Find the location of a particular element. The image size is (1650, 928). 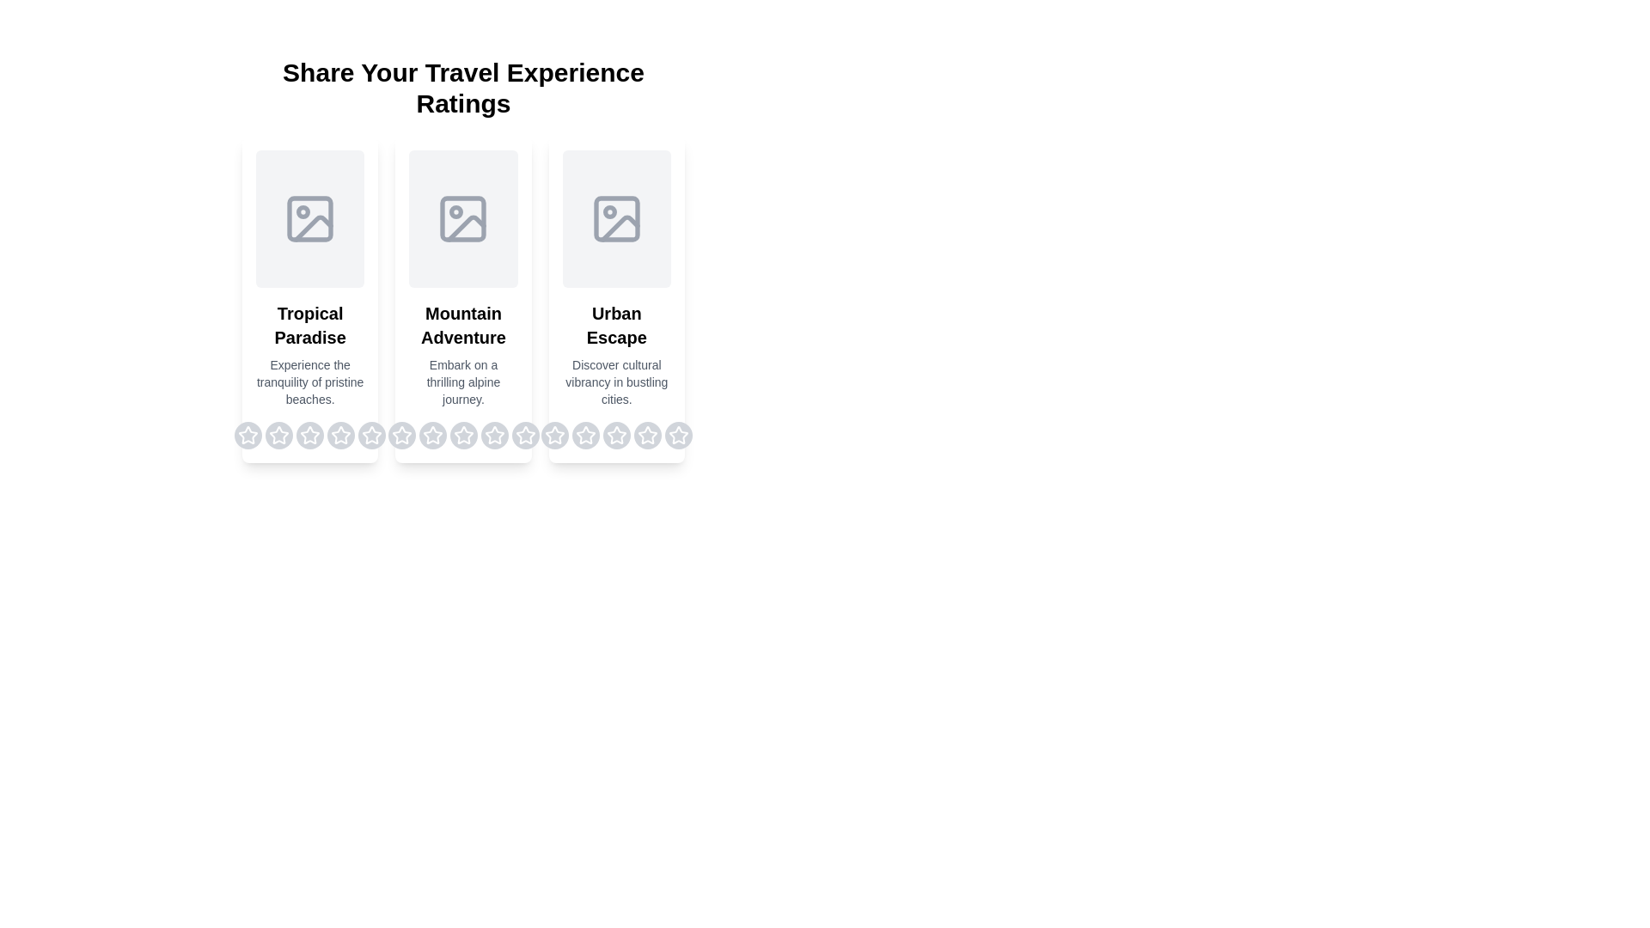

the rating for a destination to 2 stars by clicking on the corresponding star for the destination Tropical Paradise is located at coordinates (279, 434).